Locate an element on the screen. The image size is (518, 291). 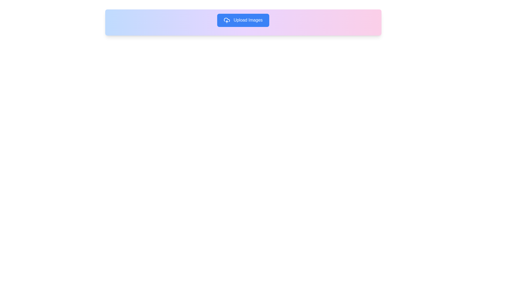
the 'Upload Images' button with a blue background and white text, which is centered in the gradient header section is located at coordinates (243, 20).